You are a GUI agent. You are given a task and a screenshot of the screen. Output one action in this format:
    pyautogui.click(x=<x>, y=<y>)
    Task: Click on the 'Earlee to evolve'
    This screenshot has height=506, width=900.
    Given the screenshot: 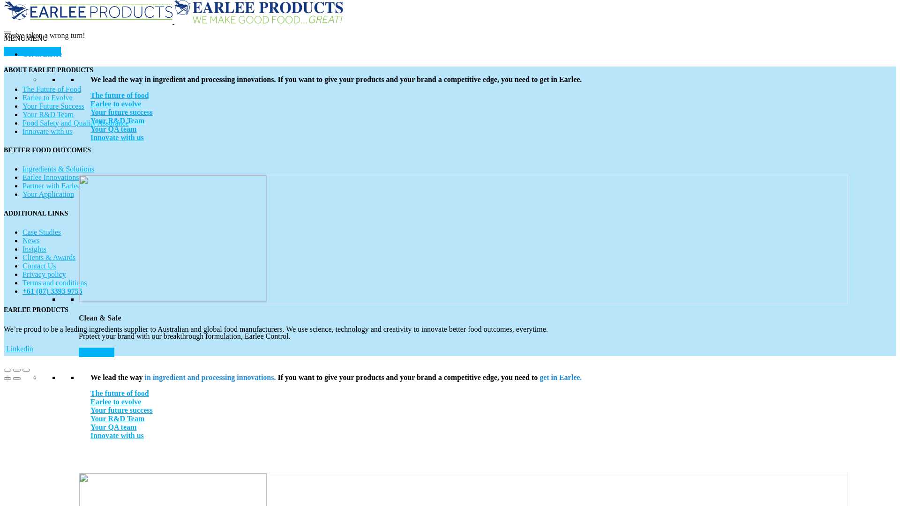 What is the action you would take?
    pyautogui.click(x=90, y=401)
    